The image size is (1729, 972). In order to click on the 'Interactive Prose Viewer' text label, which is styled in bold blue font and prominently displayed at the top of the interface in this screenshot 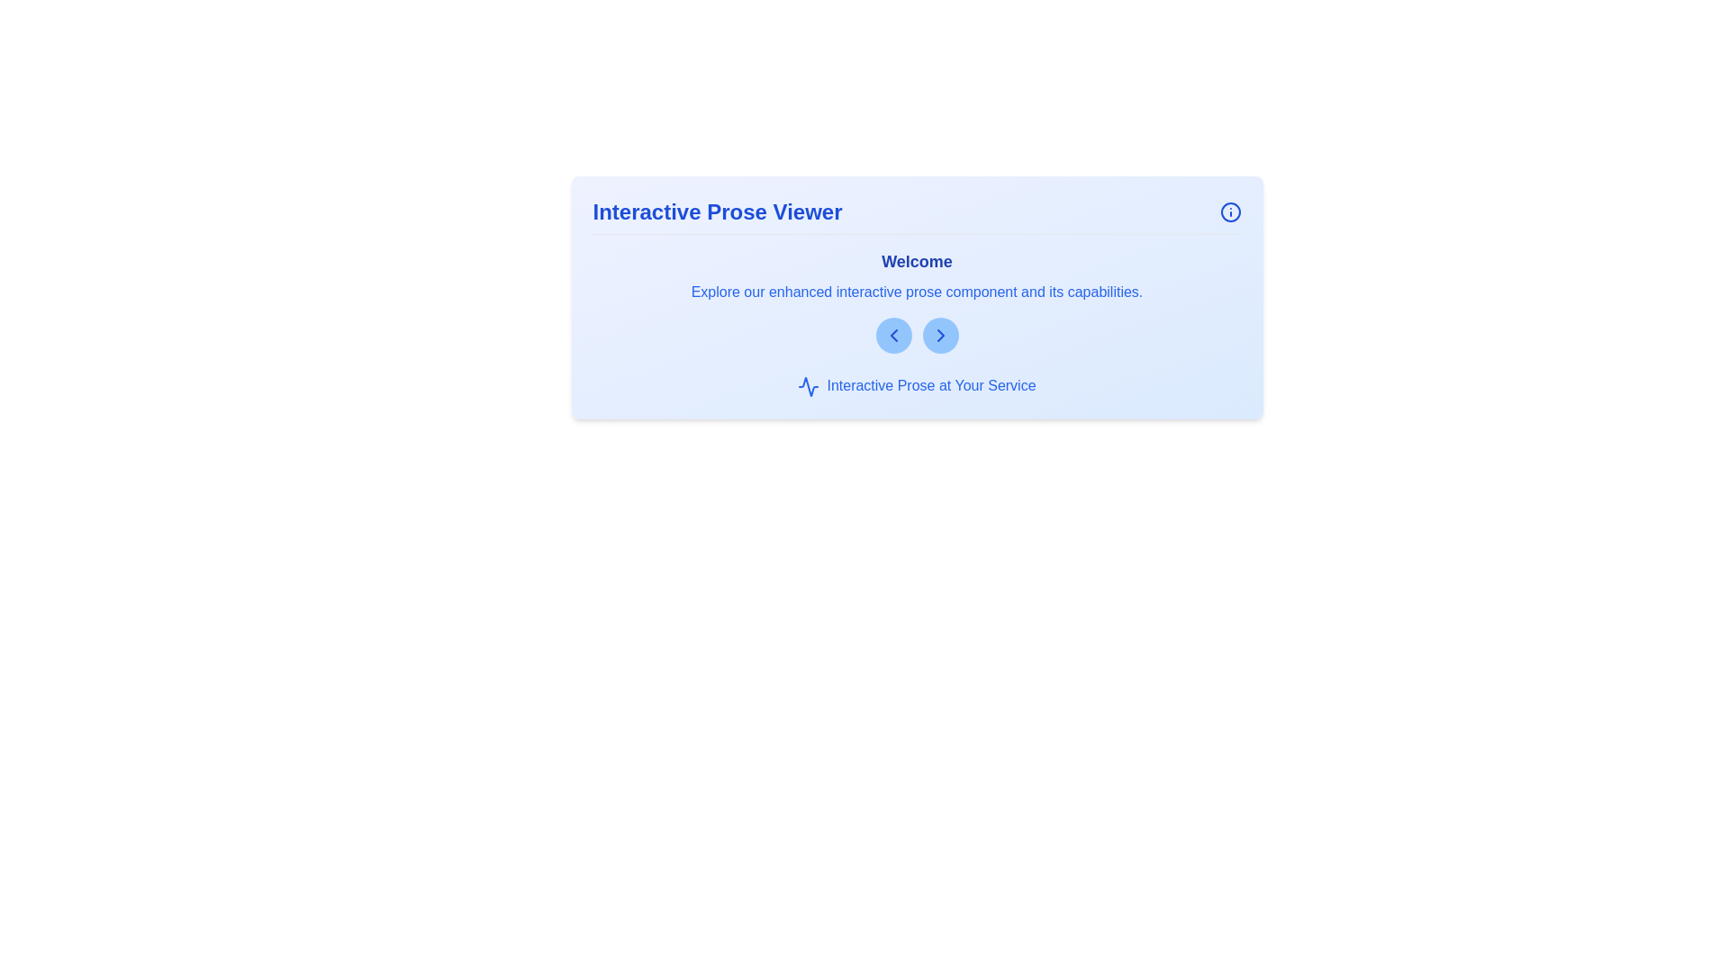, I will do `click(716, 211)`.